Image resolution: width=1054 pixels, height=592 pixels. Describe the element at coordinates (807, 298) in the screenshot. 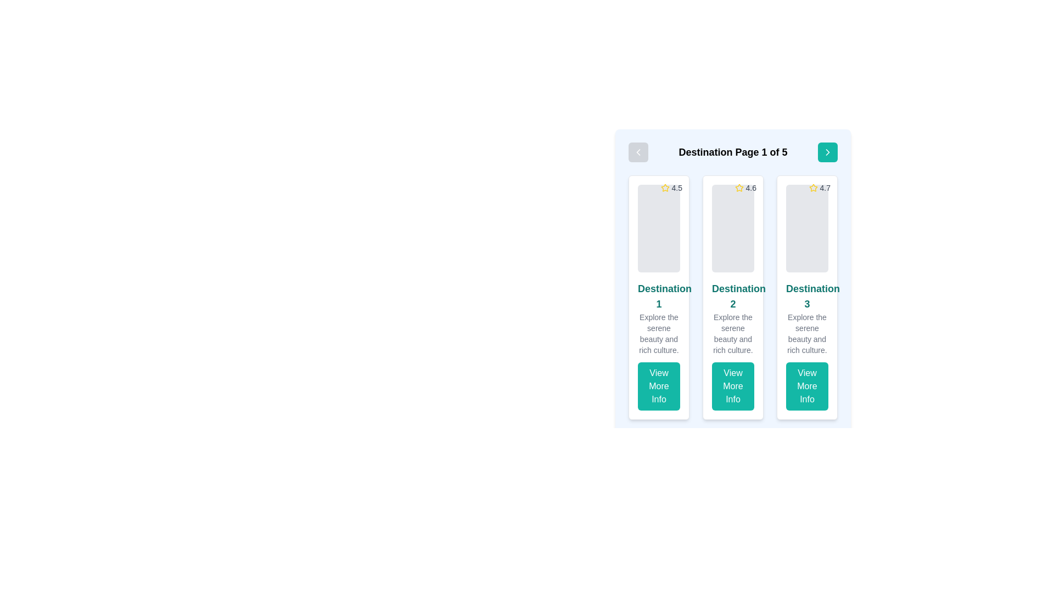

I see `the third card in the grid layout` at that location.